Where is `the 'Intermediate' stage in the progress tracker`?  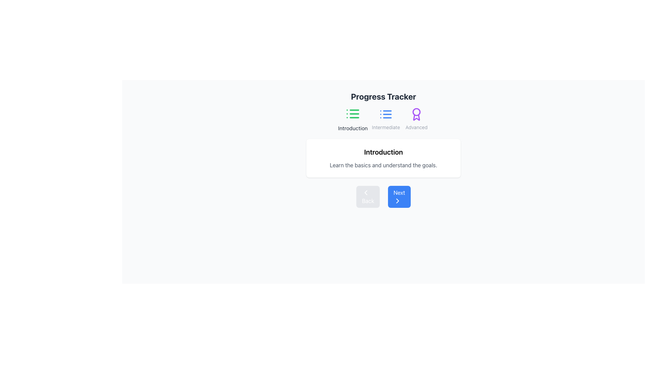 the 'Intermediate' stage in the progress tracker is located at coordinates (386, 119).